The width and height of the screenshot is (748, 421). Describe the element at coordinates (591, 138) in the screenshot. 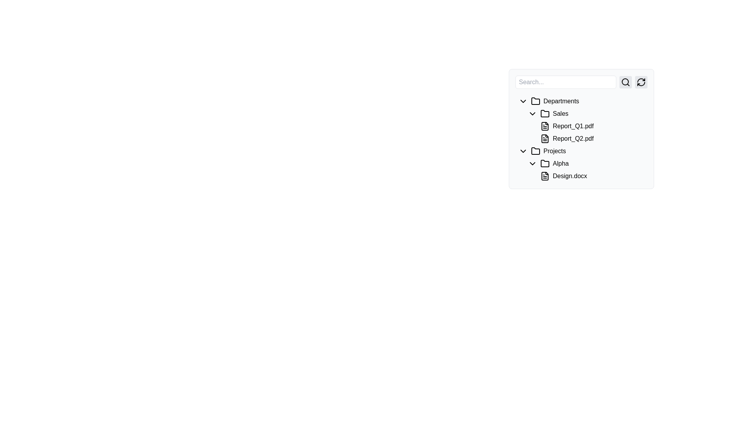

I see `the 'Report_Q2.pdf' file item in the 'Sales' folder` at that location.